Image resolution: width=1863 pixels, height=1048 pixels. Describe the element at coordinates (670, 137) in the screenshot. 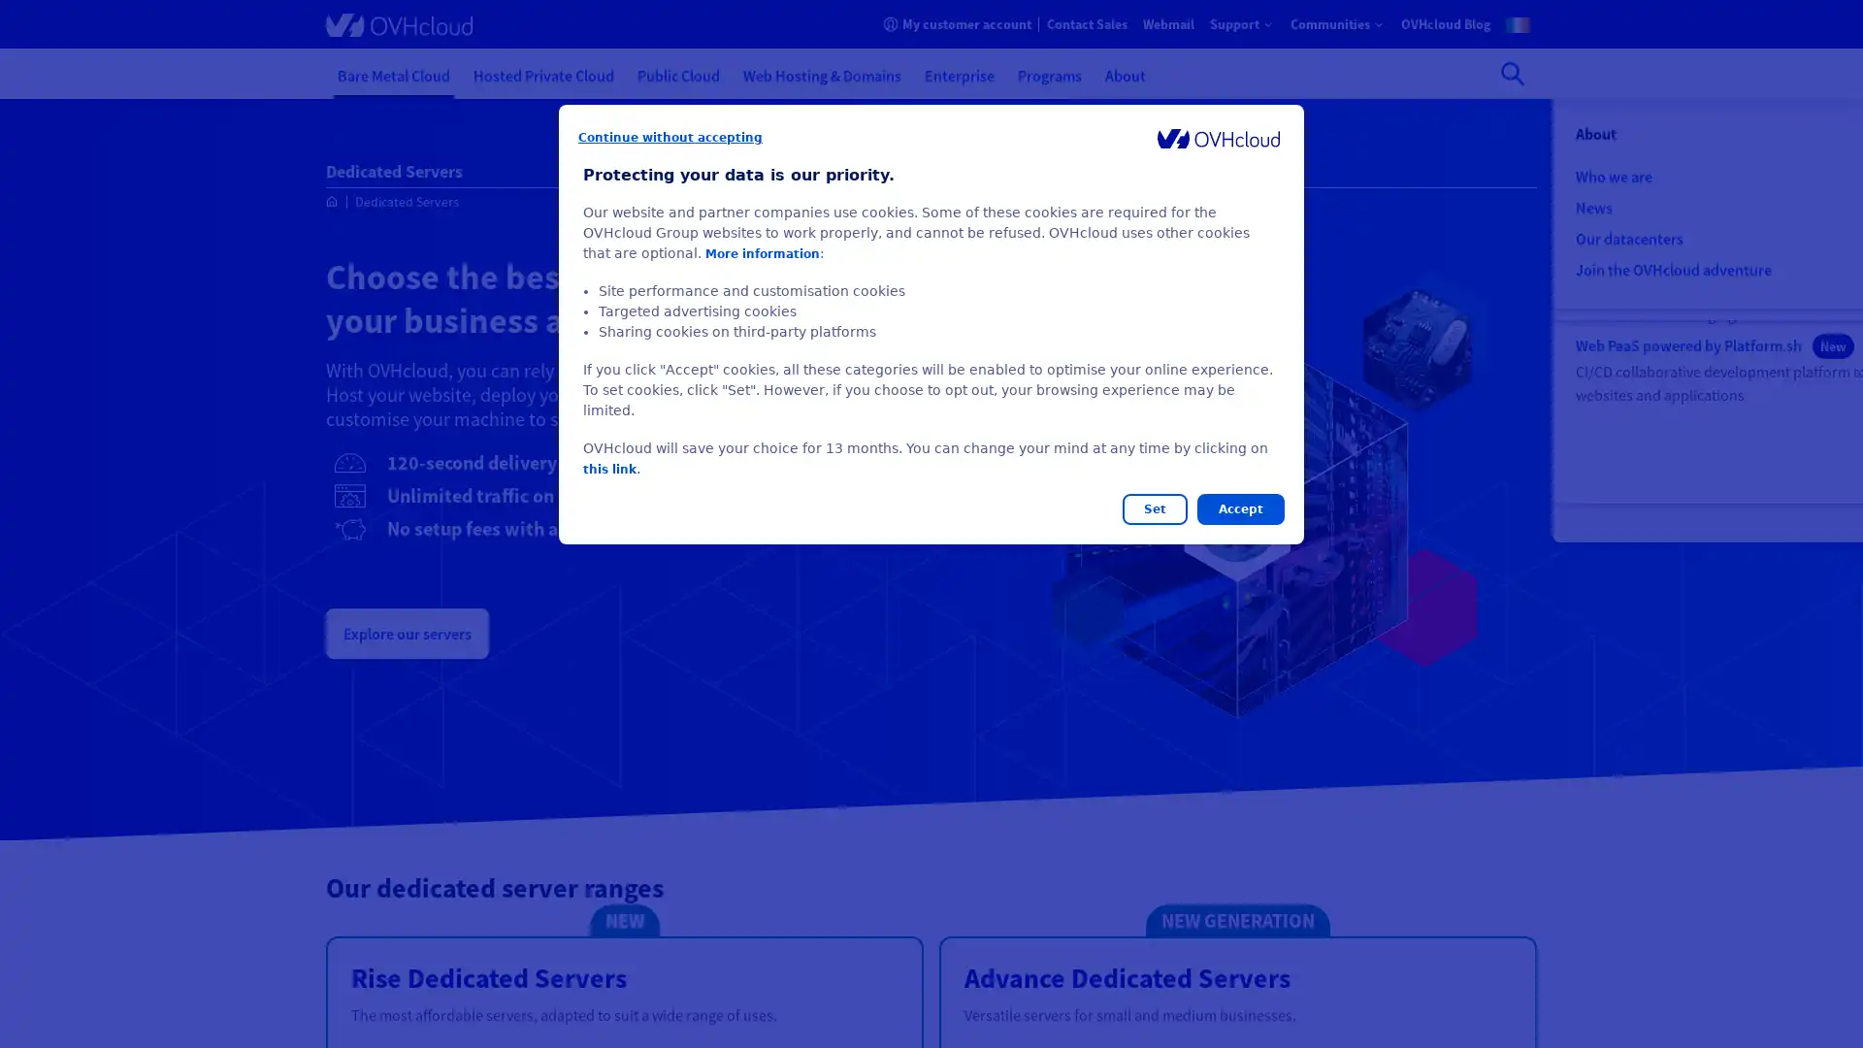

I see `Continue without accepting` at that location.